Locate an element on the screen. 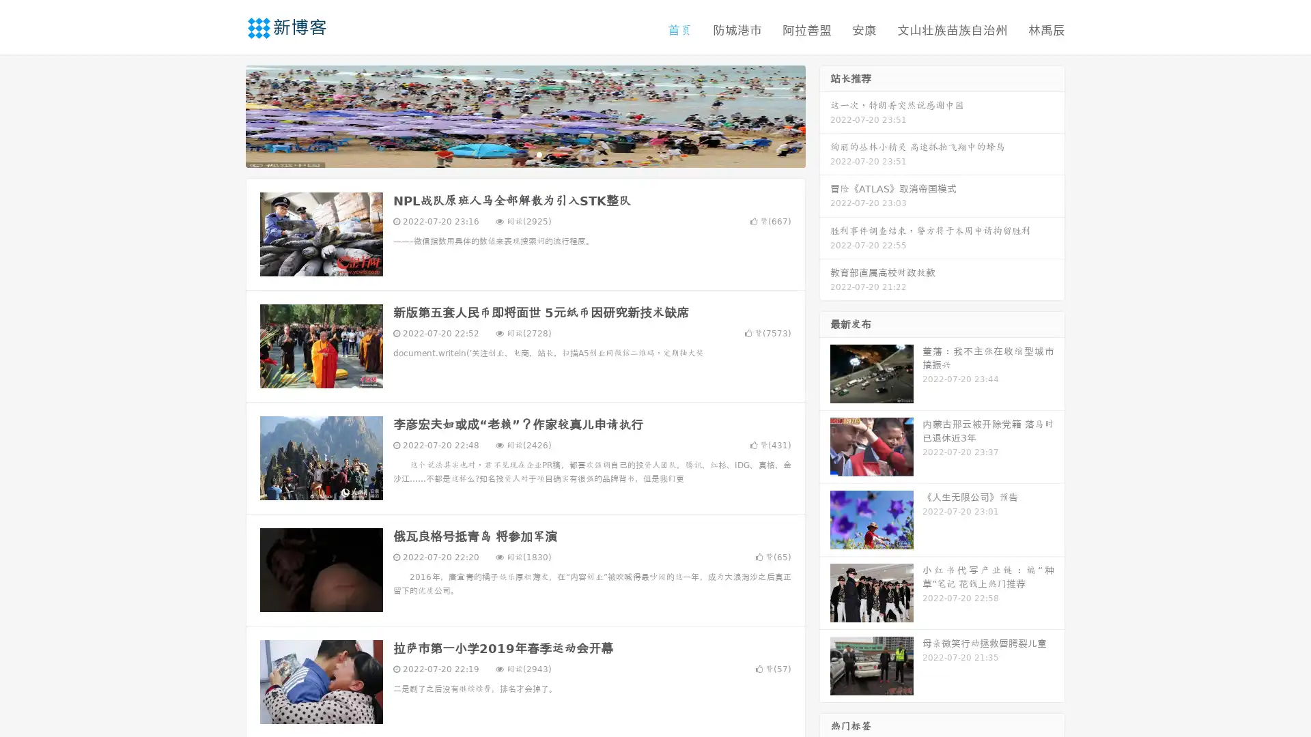 This screenshot has height=737, width=1311. Go to slide 2 is located at coordinates (524, 154).